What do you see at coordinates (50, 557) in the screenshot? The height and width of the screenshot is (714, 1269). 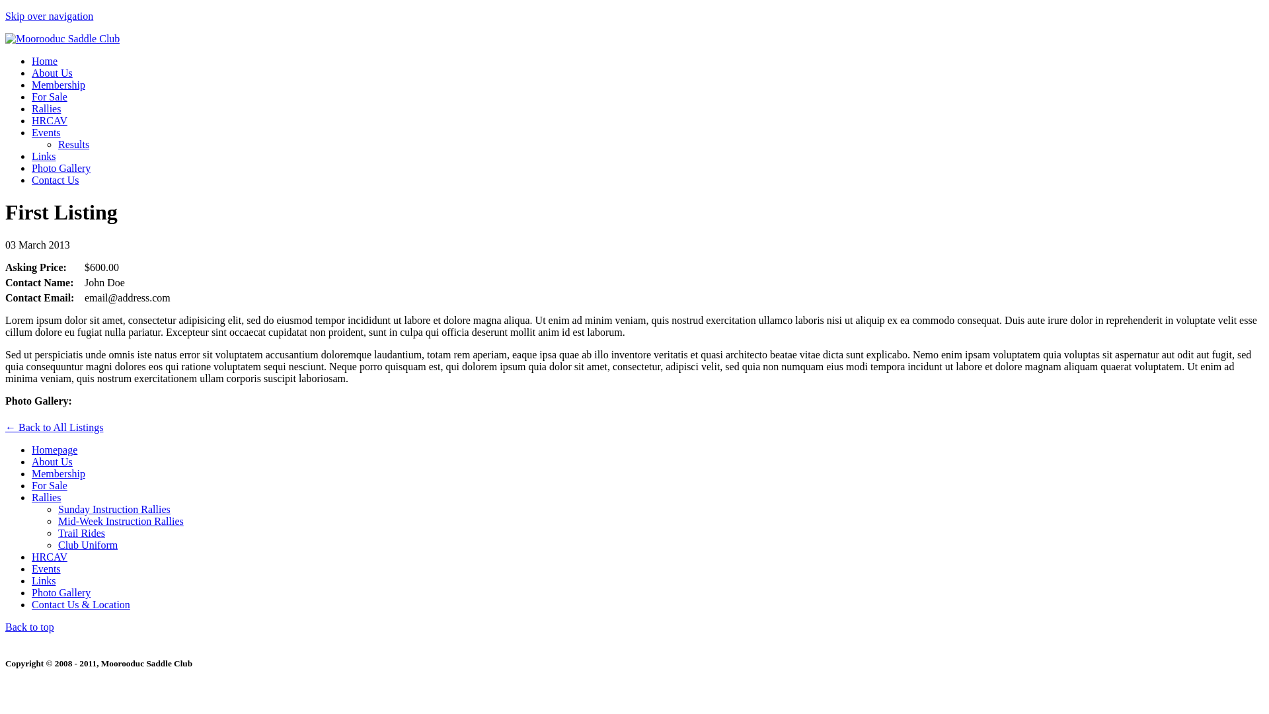 I see `'HRCAV'` at bounding box center [50, 557].